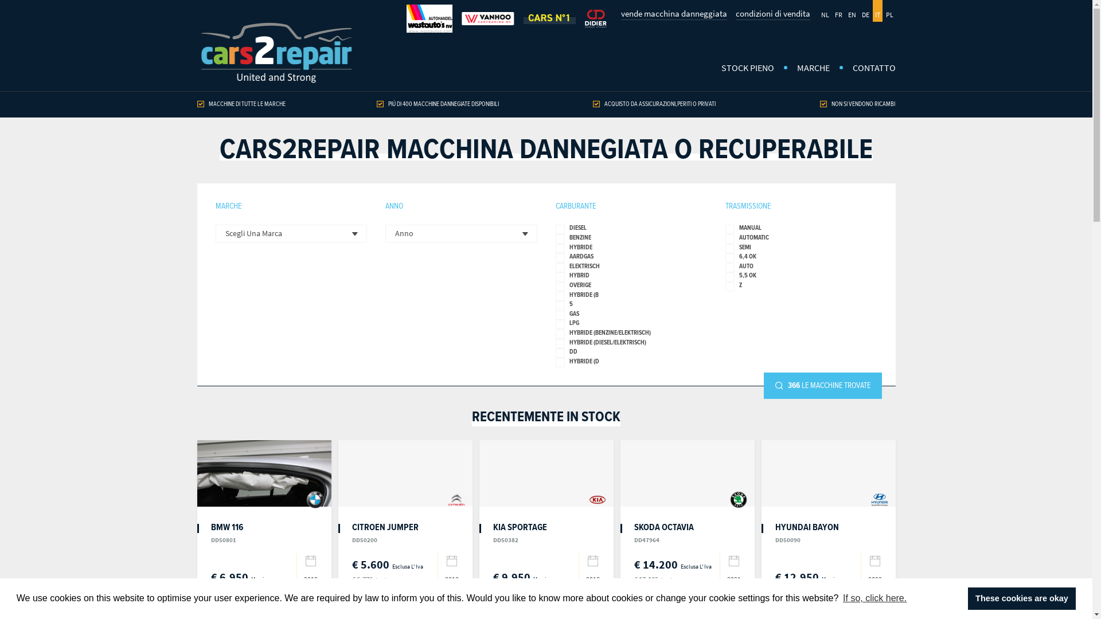  I want to click on 'KIA', so click(596, 499).